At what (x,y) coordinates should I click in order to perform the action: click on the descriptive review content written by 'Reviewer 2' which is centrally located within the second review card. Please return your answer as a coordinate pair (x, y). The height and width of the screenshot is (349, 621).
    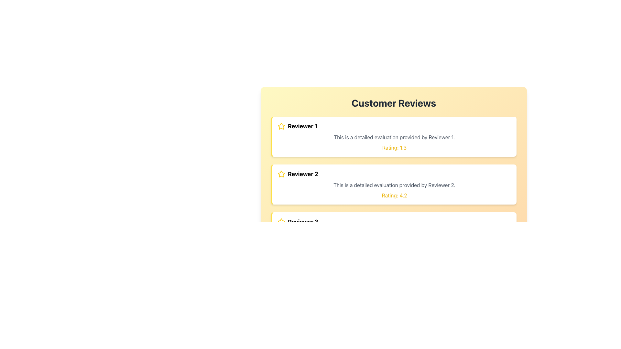
    Looking at the image, I should click on (394, 185).